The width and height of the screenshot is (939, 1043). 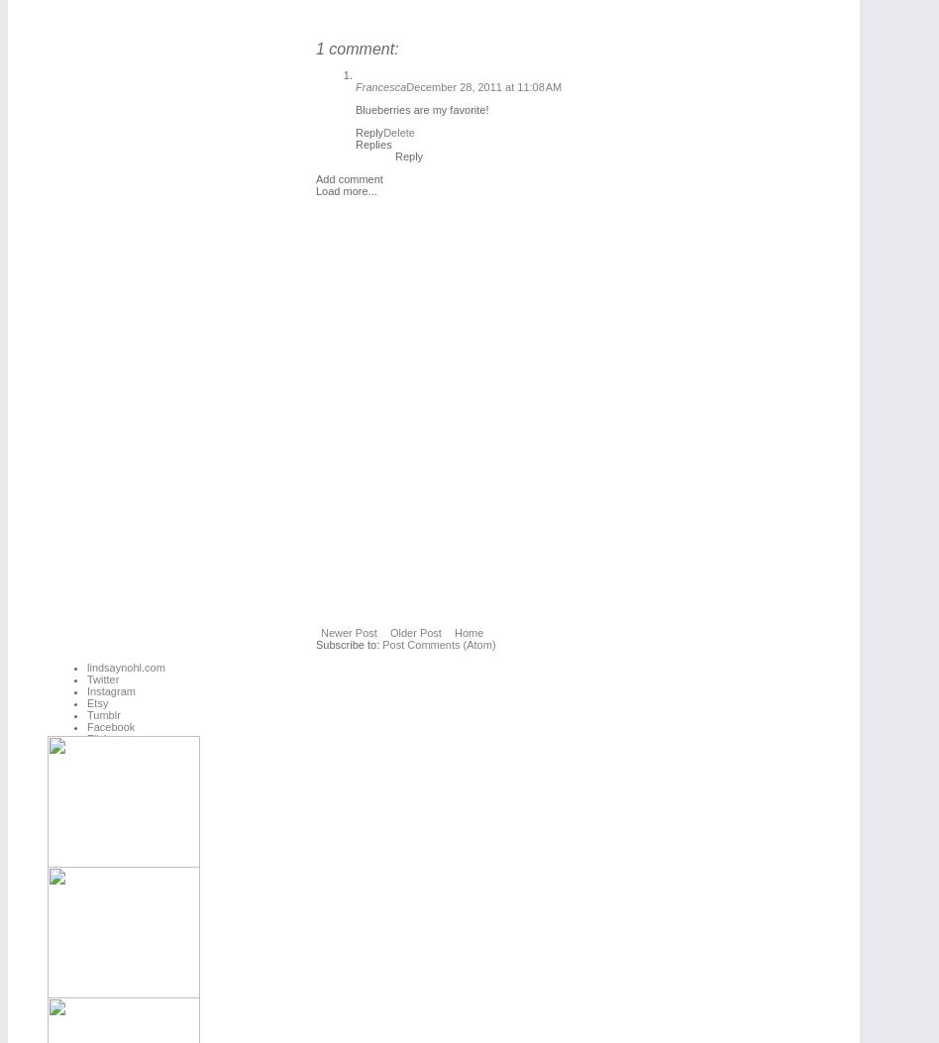 What do you see at coordinates (349, 643) in the screenshot?
I see `'Subscribe to:'` at bounding box center [349, 643].